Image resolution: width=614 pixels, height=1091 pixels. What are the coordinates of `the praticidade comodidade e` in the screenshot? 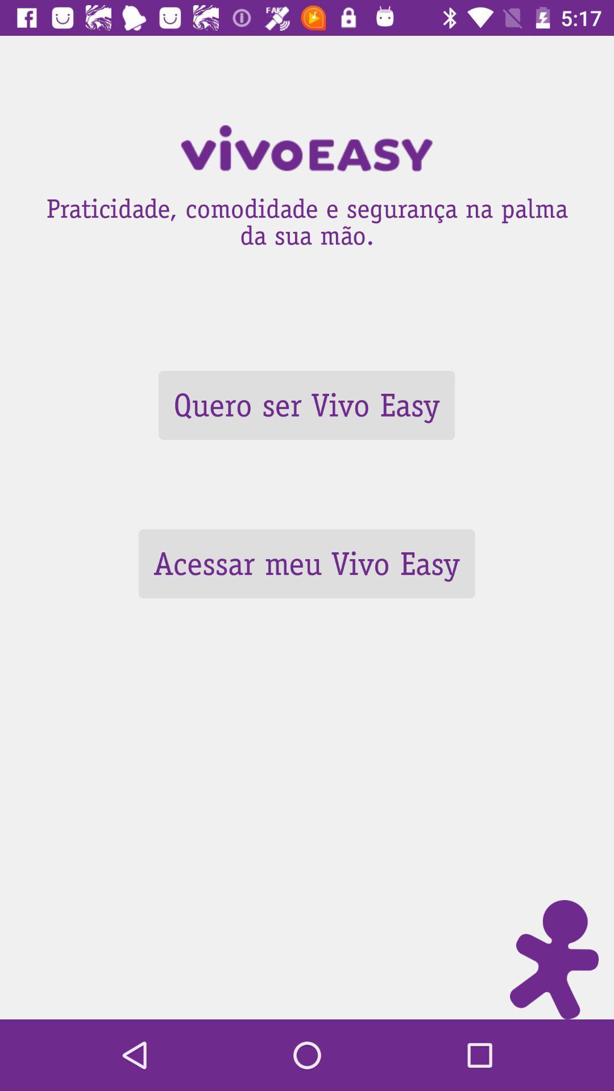 It's located at (307, 218).